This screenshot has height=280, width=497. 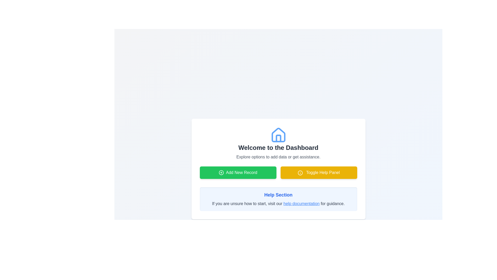 I want to click on the circular icon on the leftmost part of the green 'Add New Record' button, so click(x=221, y=173).